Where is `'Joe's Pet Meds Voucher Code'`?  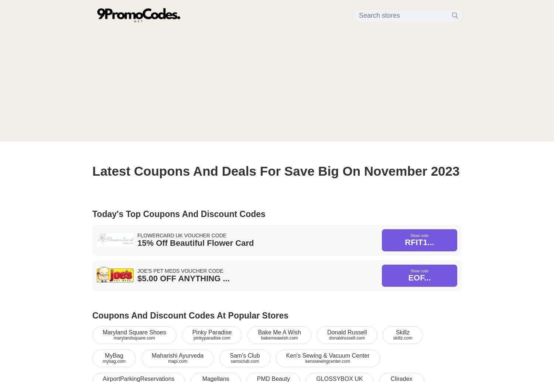
'Joe's Pet Meds Voucher Code' is located at coordinates (137, 270).